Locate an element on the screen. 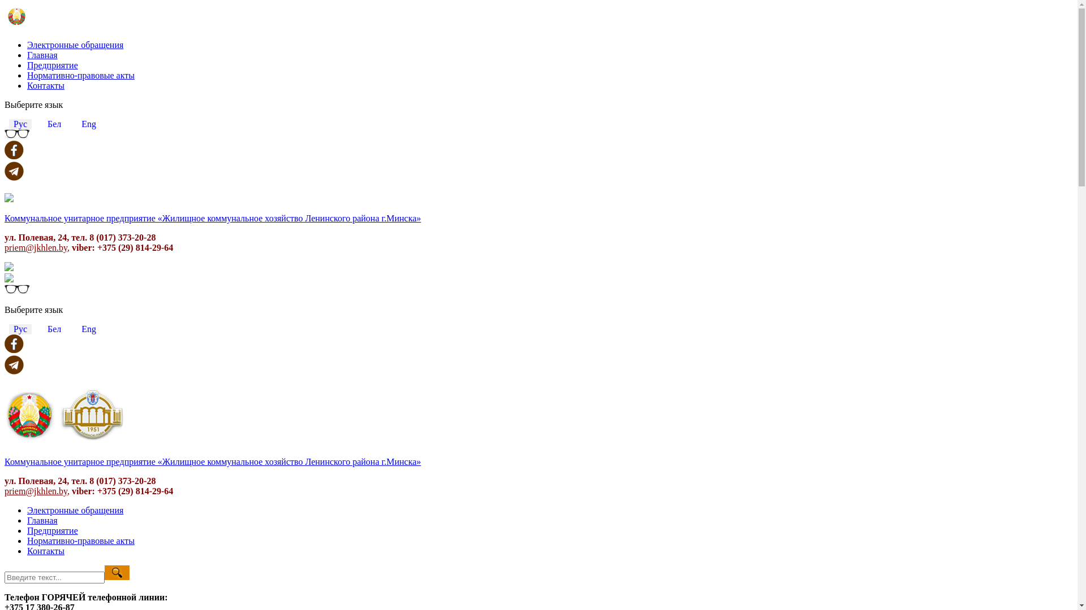 This screenshot has width=1086, height=610. 'Eng' is located at coordinates (88, 124).